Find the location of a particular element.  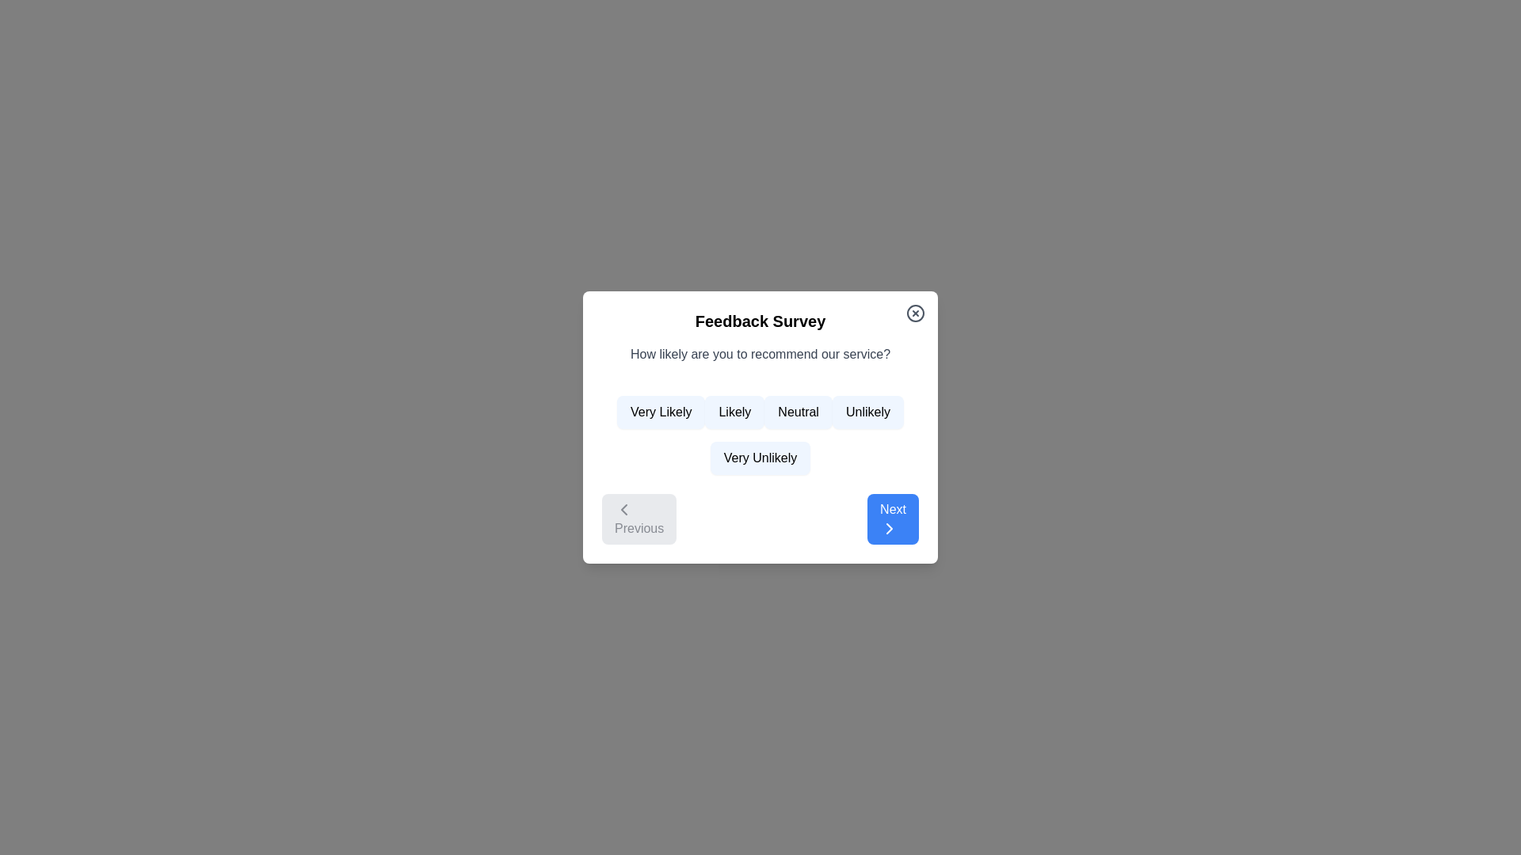

the close button located in the top-right corner of the feedback survey modal is located at coordinates (916, 313).